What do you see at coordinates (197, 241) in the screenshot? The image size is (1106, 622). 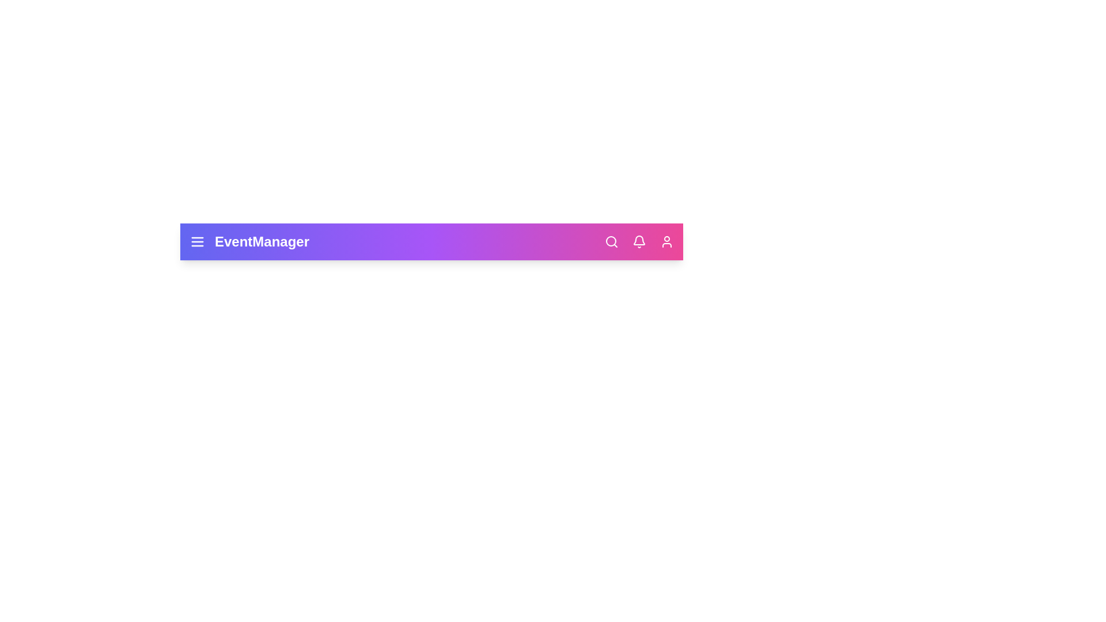 I see `the menu icon to toggle the main menu` at bounding box center [197, 241].